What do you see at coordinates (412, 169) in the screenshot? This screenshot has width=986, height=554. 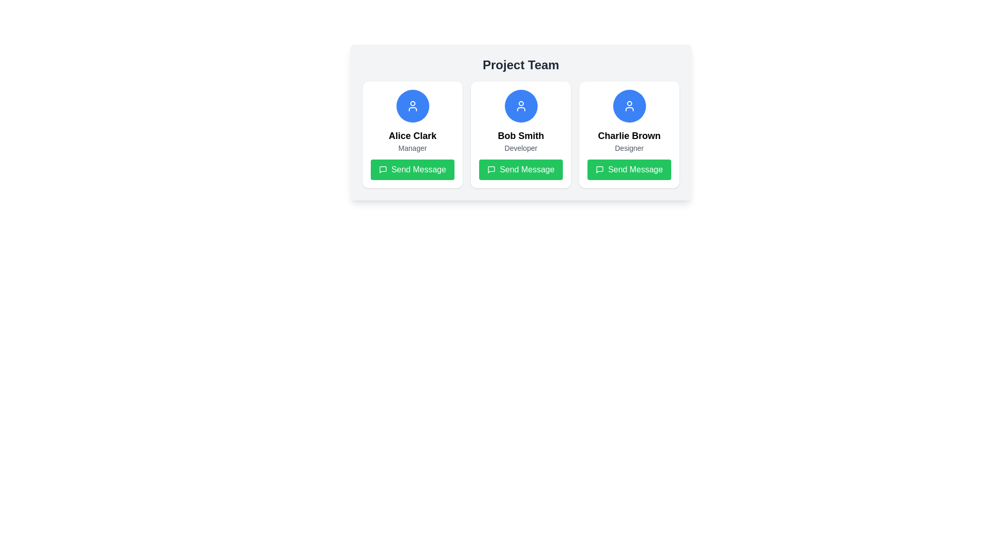 I see `the 'Send Message' button with a green background and white text below 'Alice Clark', the Manager, to send a message` at bounding box center [412, 169].